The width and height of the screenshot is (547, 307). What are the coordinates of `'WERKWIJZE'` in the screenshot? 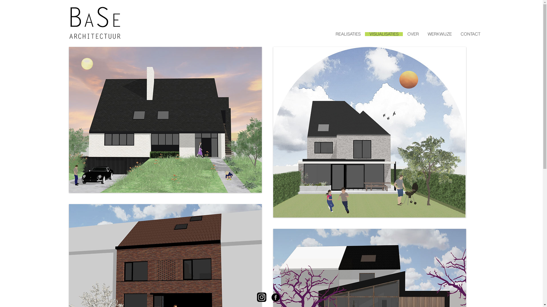 It's located at (439, 34).